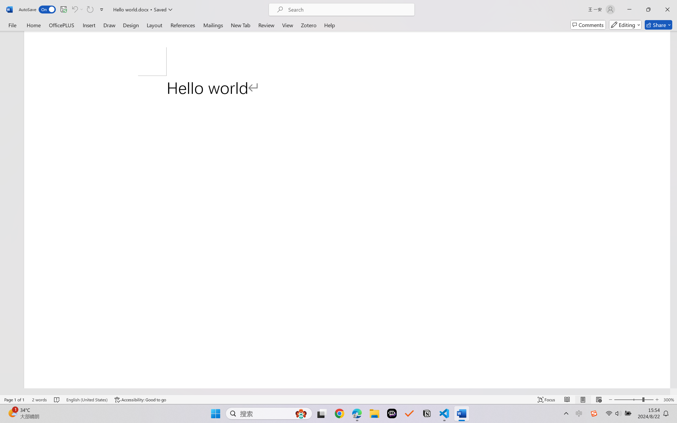  I want to click on 'Mailings', so click(213, 25).